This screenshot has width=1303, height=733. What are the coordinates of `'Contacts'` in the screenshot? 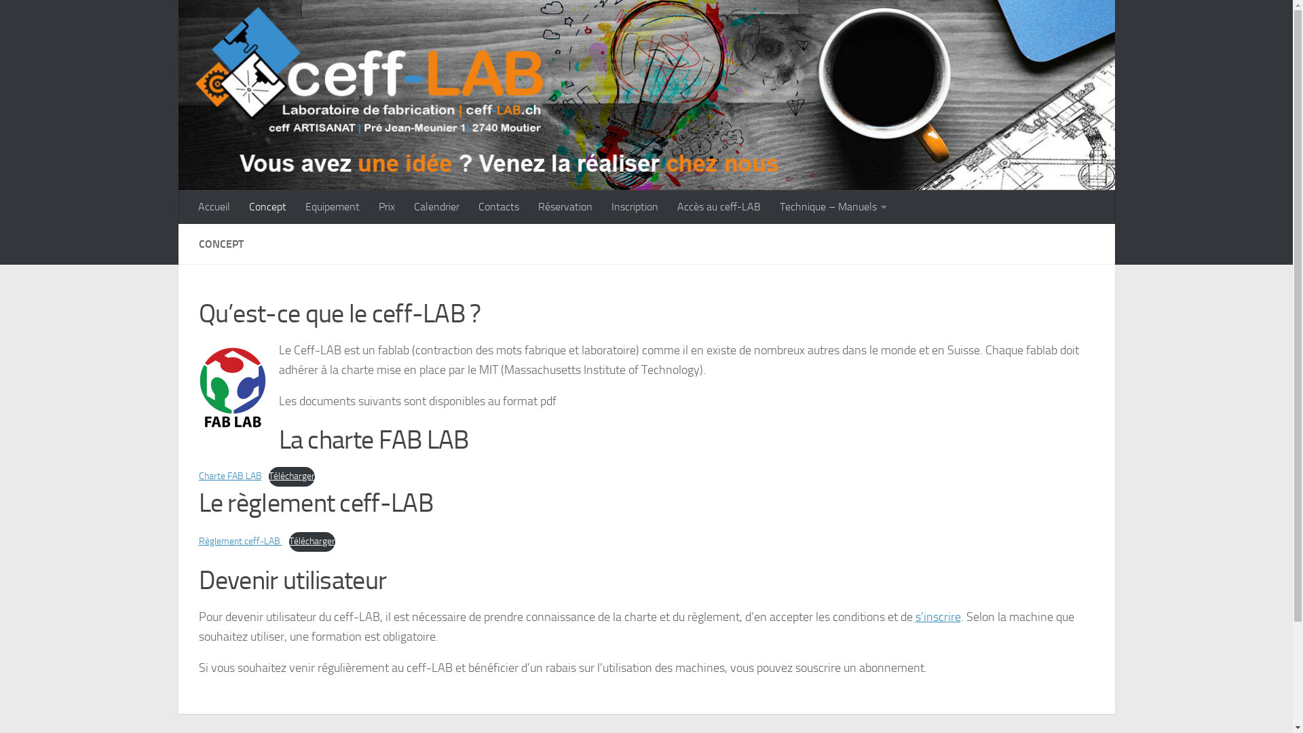 It's located at (497, 206).